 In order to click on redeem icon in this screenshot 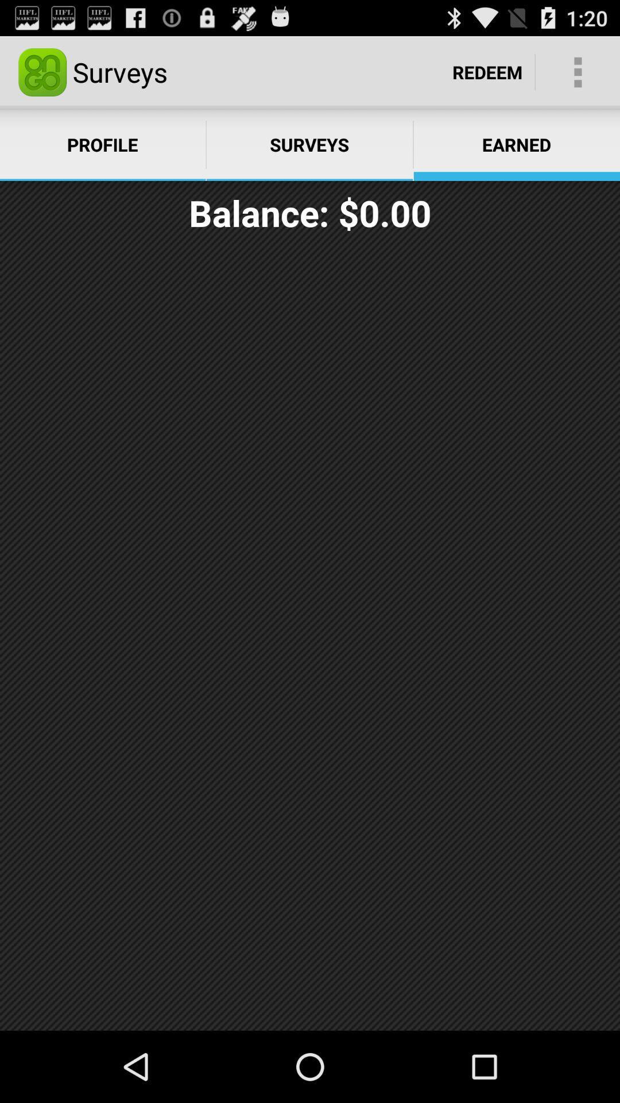, I will do `click(487, 71)`.